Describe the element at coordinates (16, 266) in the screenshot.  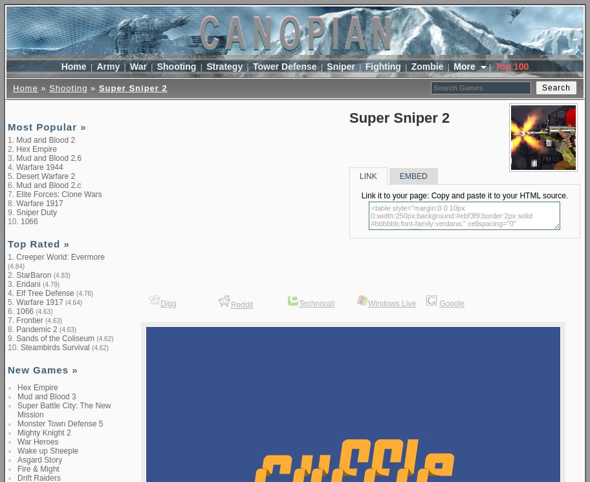
I see `'(4.84)'` at that location.